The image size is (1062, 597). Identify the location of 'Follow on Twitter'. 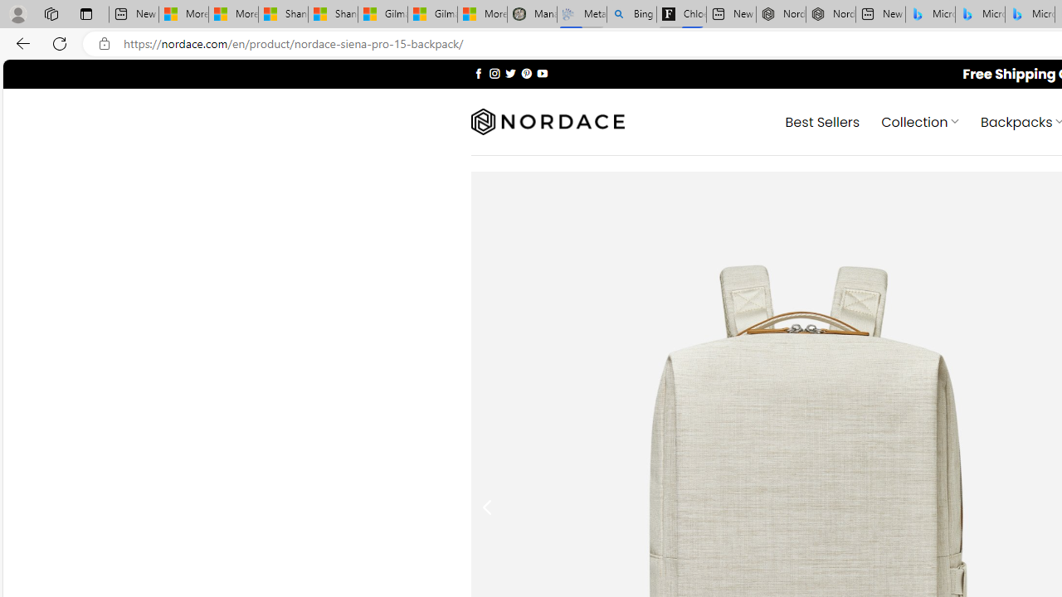
(509, 72).